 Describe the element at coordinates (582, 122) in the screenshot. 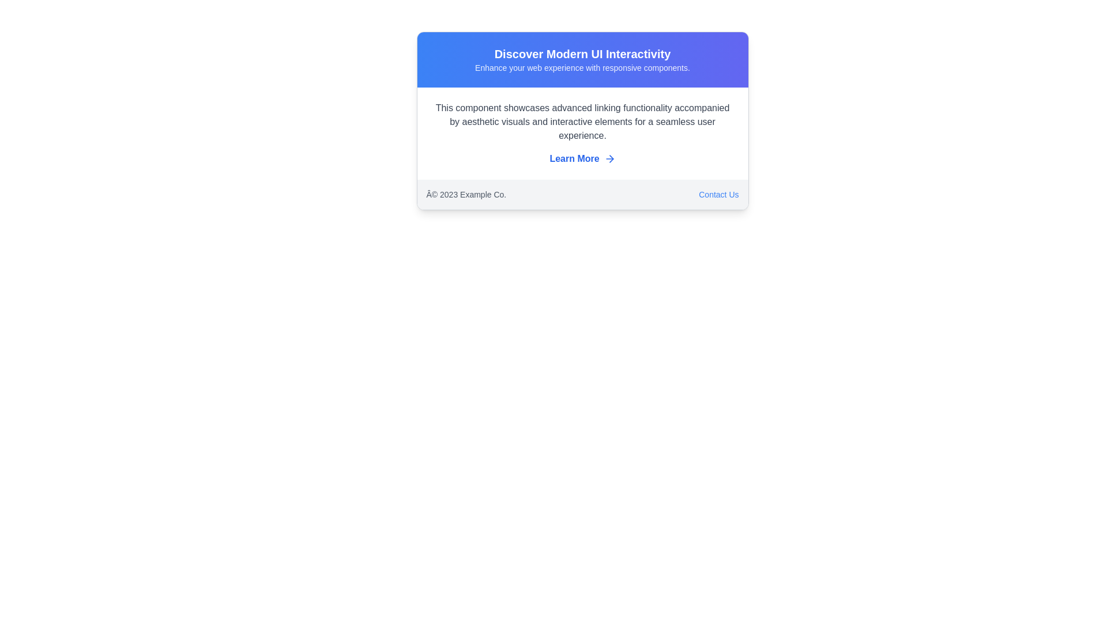

I see `the uppermost Text block that describes advanced linking functionality, which is styled in dark gray (#gray-700) and positioned above the 'Learn More' hyperlink` at that location.